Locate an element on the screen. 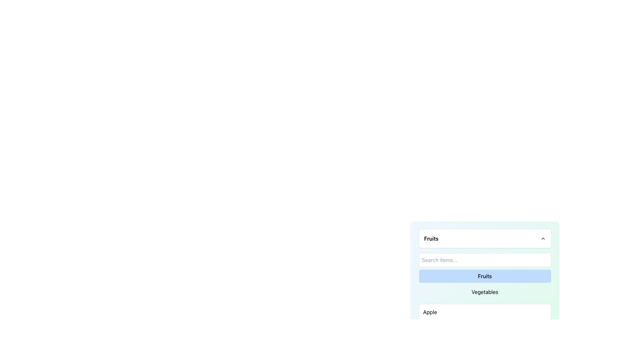  the 'Vegetables' text label in the dropdown menu is located at coordinates (485, 292).